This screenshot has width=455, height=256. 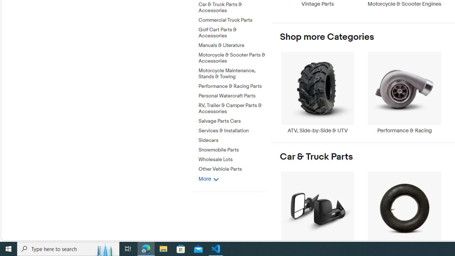 What do you see at coordinates (232, 33) in the screenshot?
I see `'Golf Cart Parts & Accessories'` at bounding box center [232, 33].